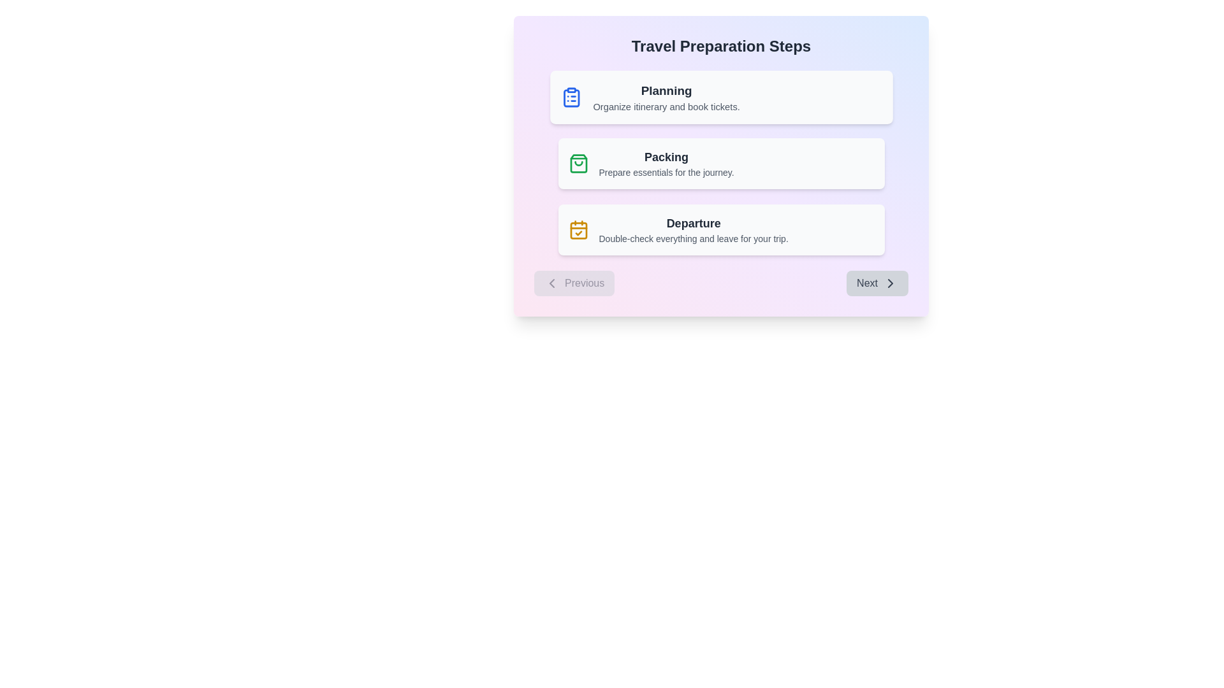  Describe the element at coordinates (721, 230) in the screenshot. I see `the third card in the 'Travel Preparation Steps' section, which features a yellow calendar icon and text indicating 'Departure' and a subtitle about checking everything before leaving for the trip` at that location.